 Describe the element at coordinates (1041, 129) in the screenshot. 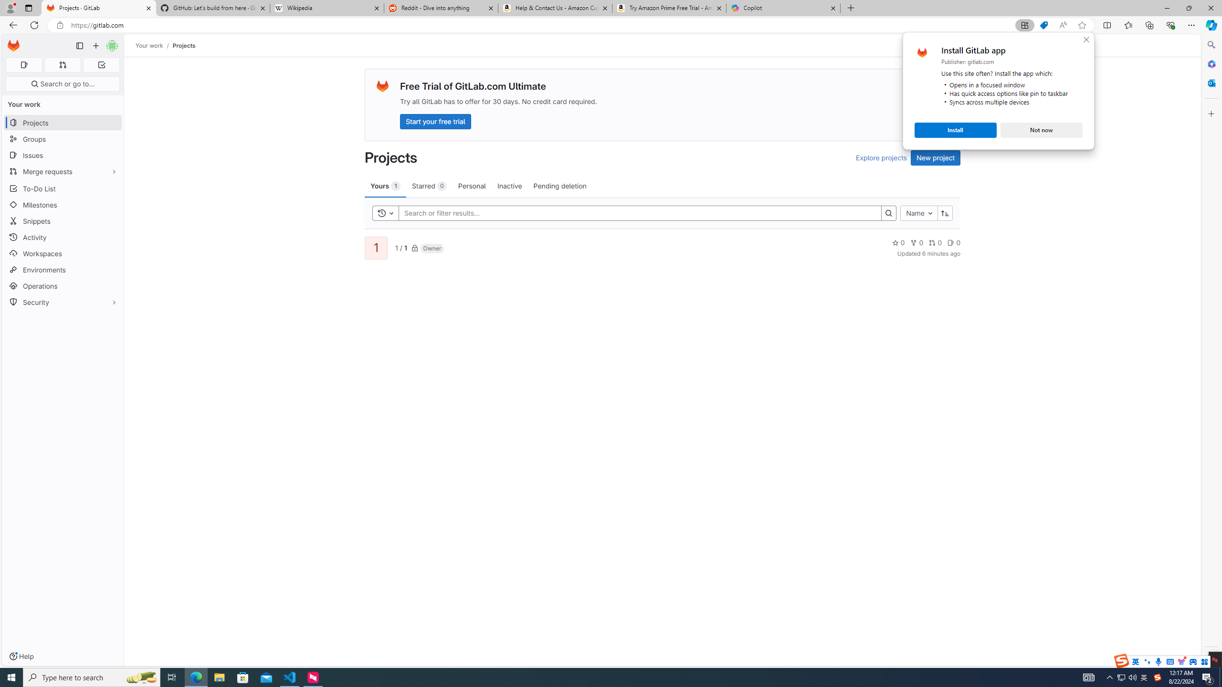

I see `'Not now'` at that location.